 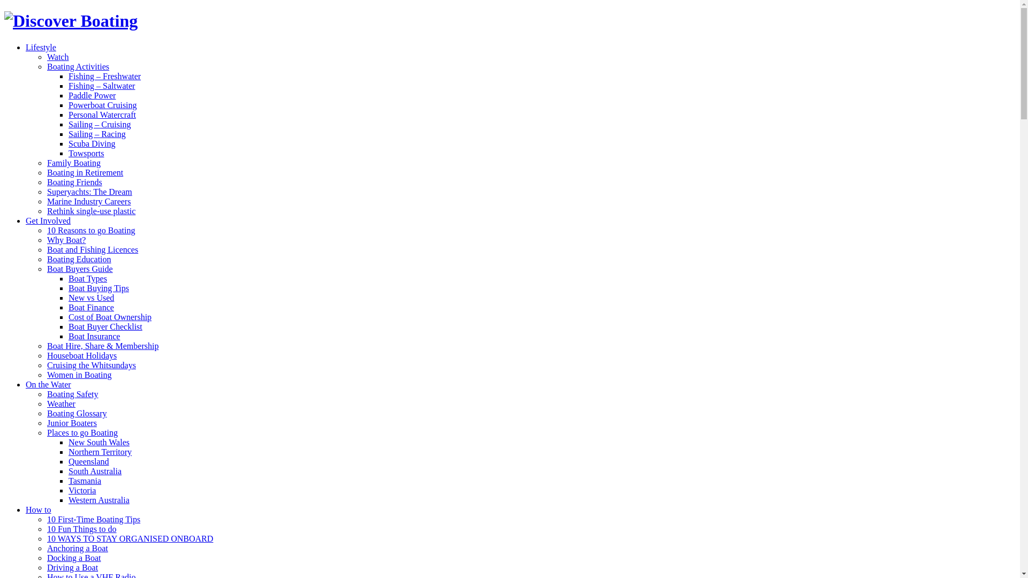 I want to click on 'Boat Types', so click(x=87, y=278).